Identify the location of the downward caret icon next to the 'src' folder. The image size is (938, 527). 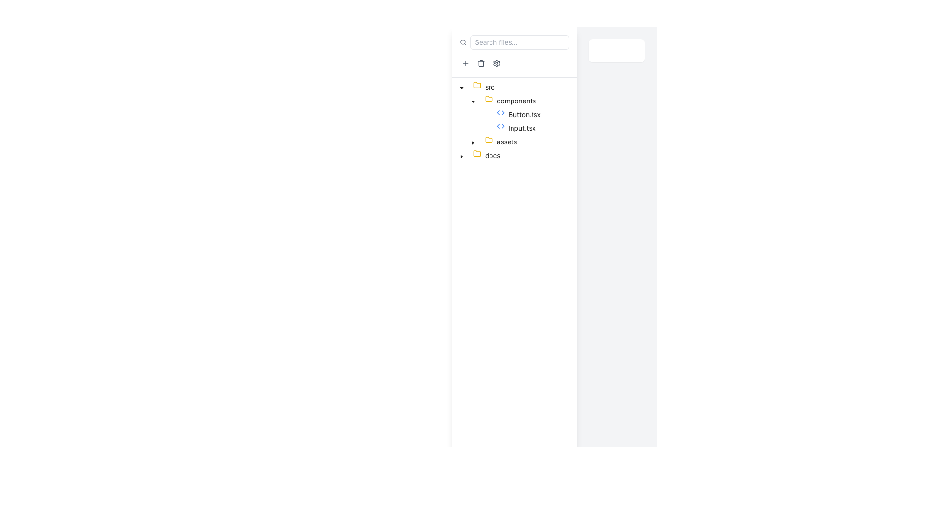
(461, 88).